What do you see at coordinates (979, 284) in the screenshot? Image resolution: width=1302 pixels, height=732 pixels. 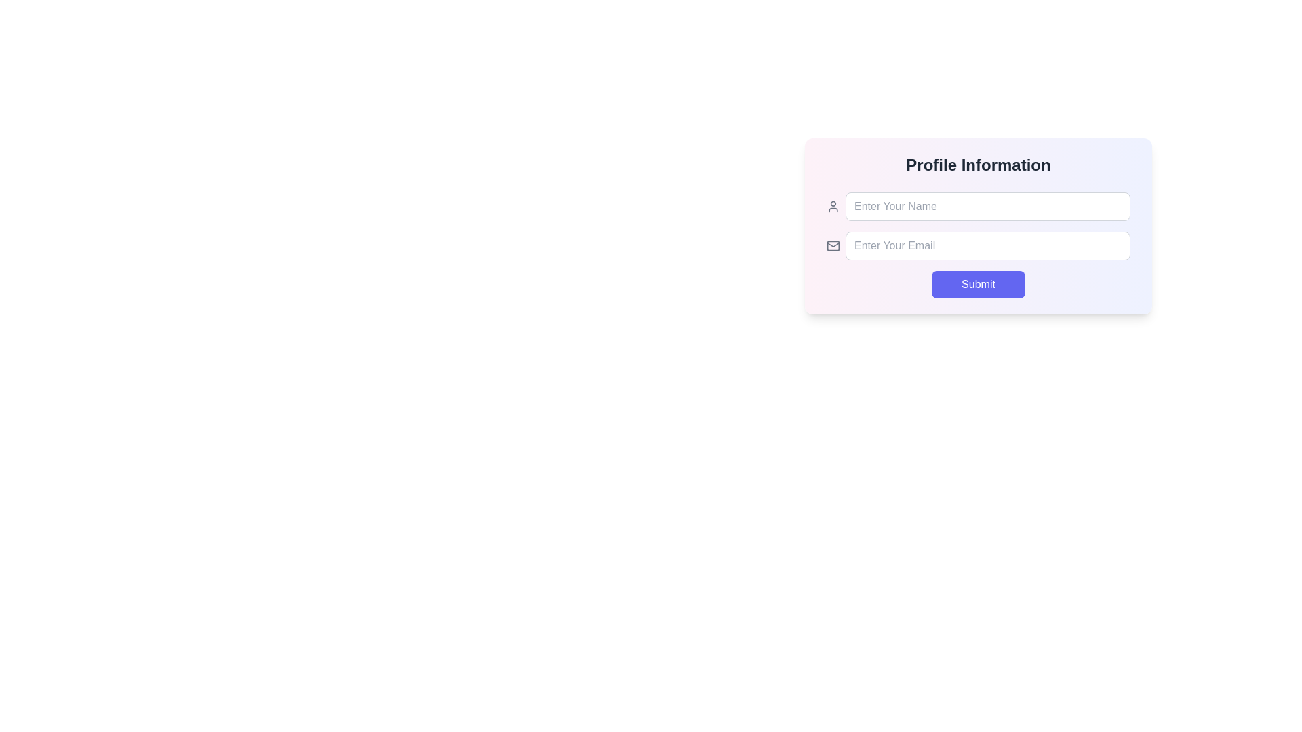 I see `the 'Submit' button located below the input fields` at bounding box center [979, 284].